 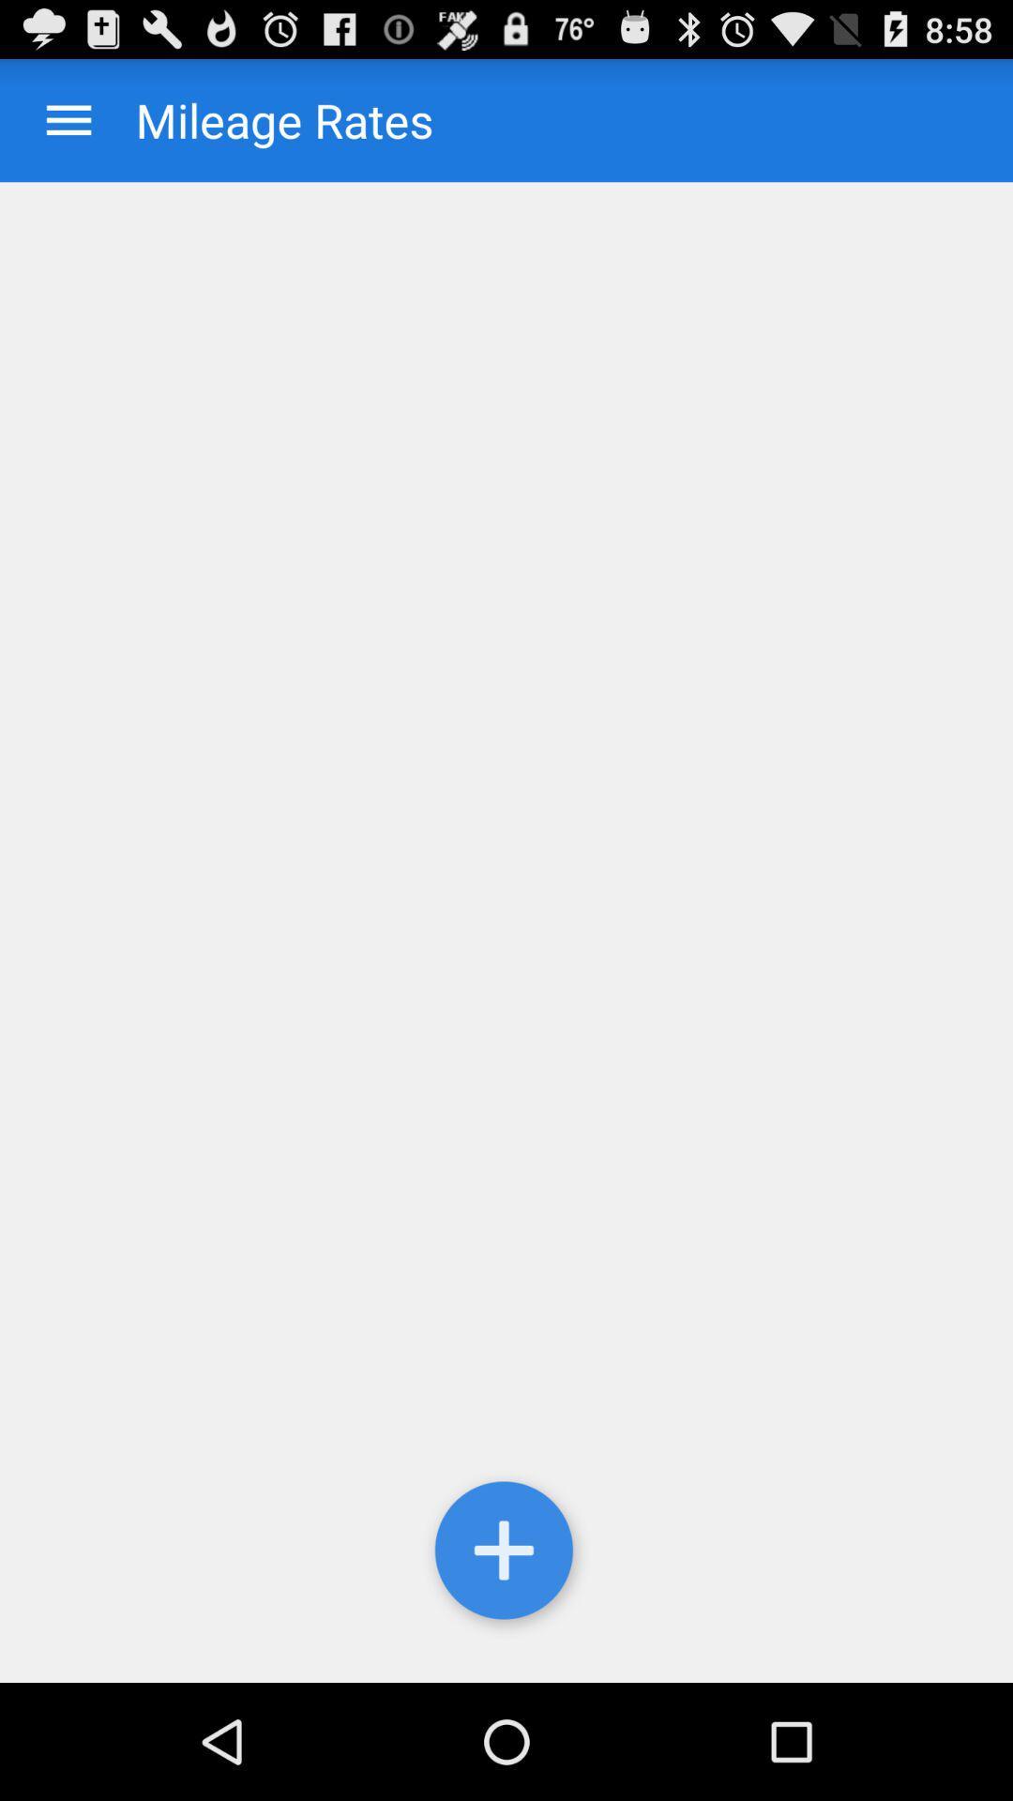 What do you see at coordinates (506, 1554) in the screenshot?
I see `settings option` at bounding box center [506, 1554].